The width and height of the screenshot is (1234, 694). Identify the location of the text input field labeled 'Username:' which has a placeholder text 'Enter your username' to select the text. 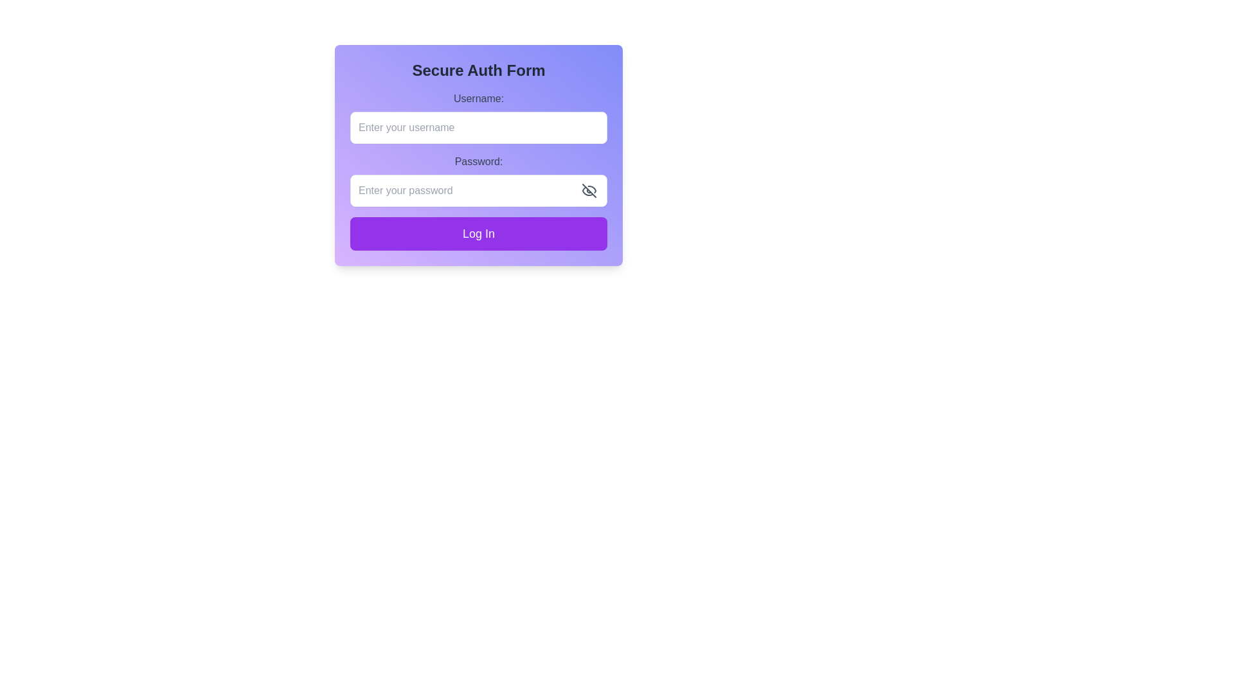
(478, 117).